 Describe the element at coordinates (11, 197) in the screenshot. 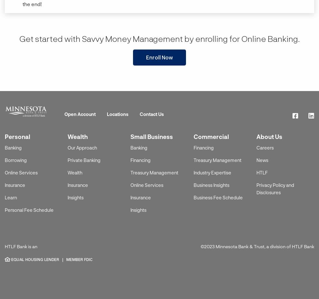

I see `'Learn'` at that location.